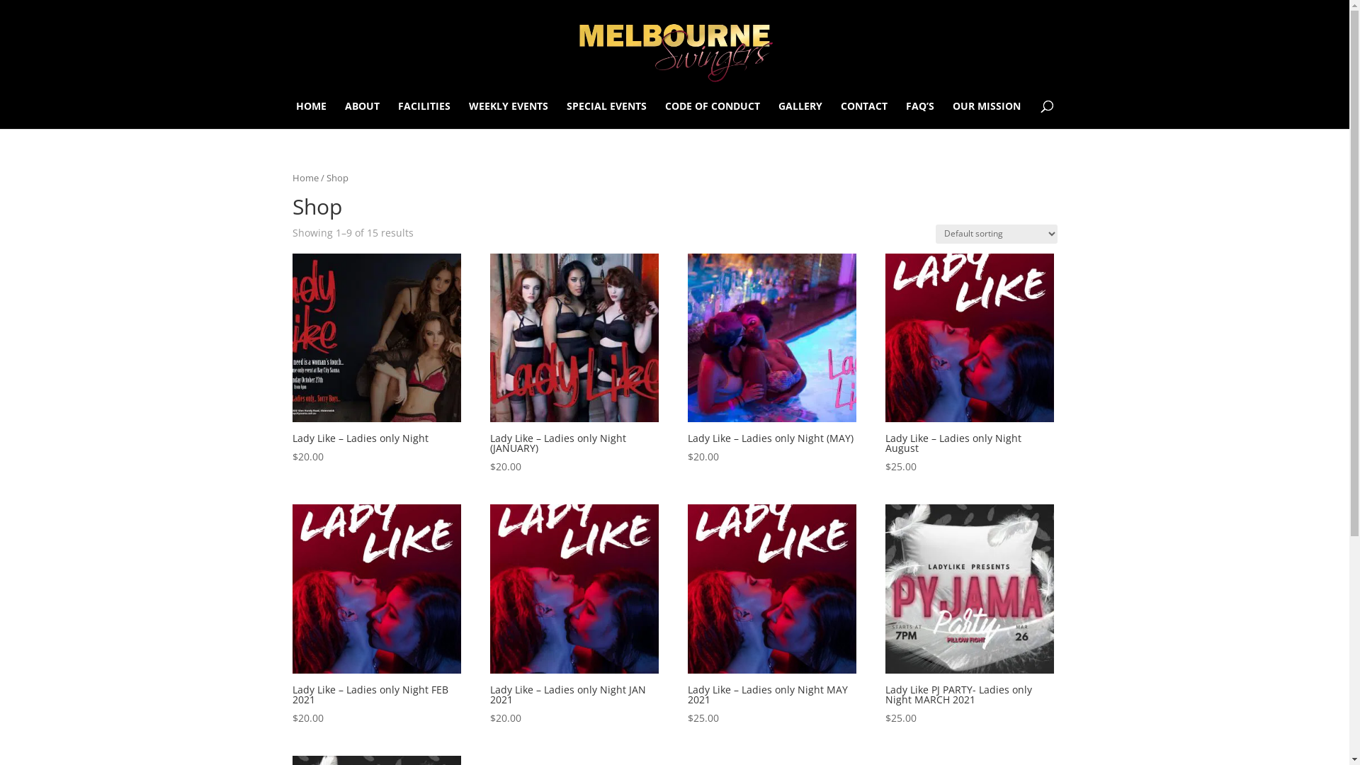 The image size is (1360, 765). I want to click on 'Home', so click(304, 176).